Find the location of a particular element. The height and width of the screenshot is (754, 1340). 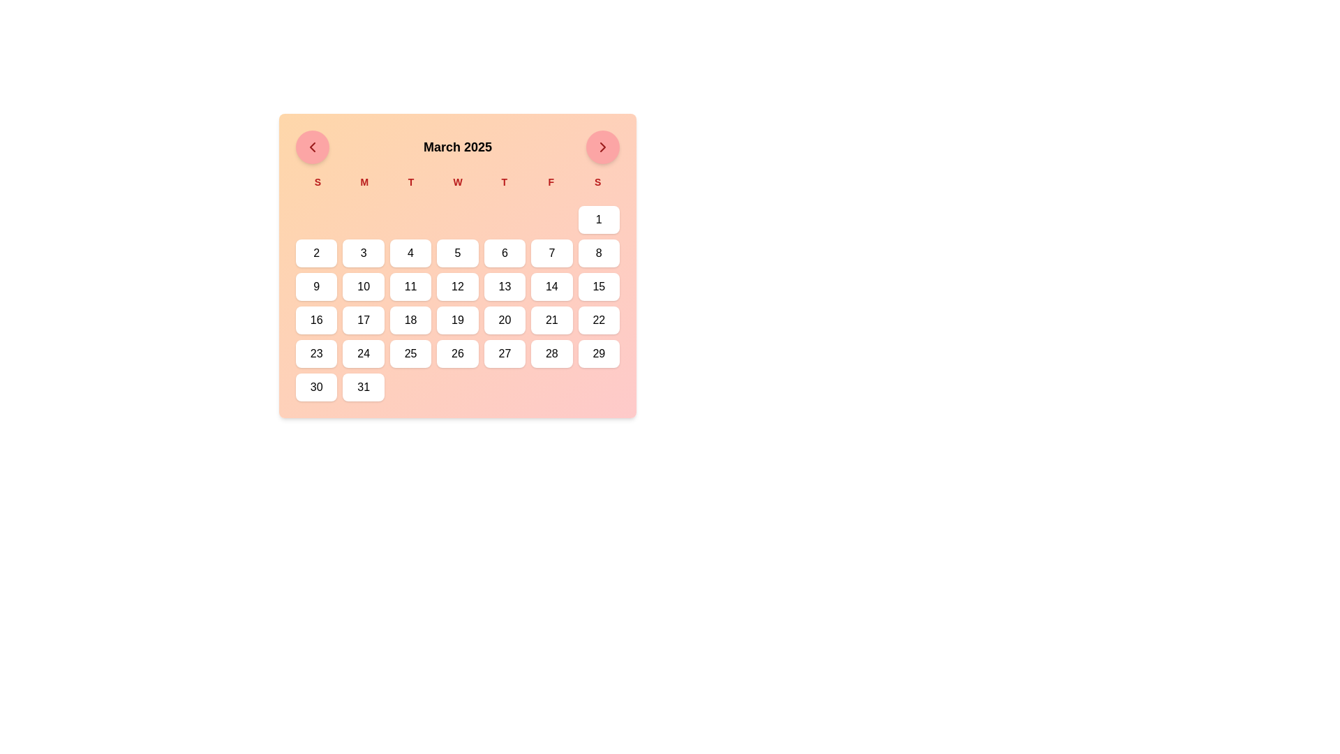

the static text label representing 'Sunday', which is the last element in the row of day headers in the calendar interface is located at coordinates (597, 182).